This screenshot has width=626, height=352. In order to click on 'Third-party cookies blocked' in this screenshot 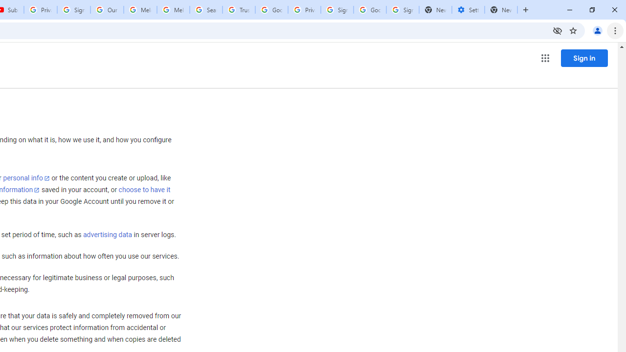, I will do `click(557, 30)`.